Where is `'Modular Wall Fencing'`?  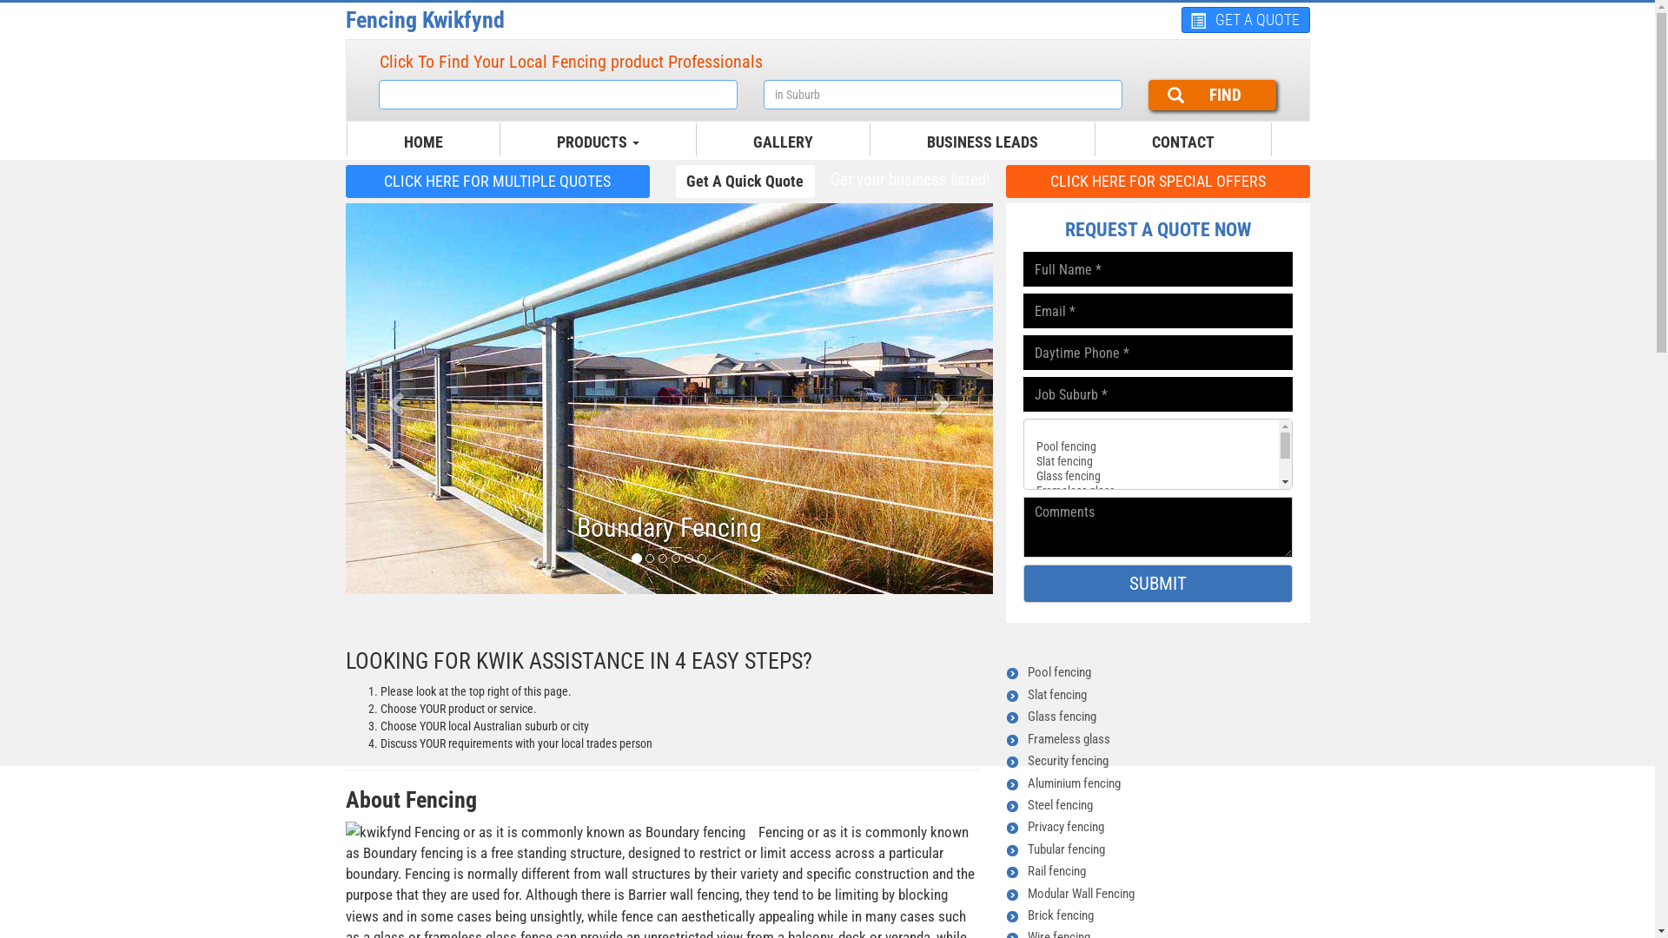
'Modular Wall Fencing' is located at coordinates (1079, 894).